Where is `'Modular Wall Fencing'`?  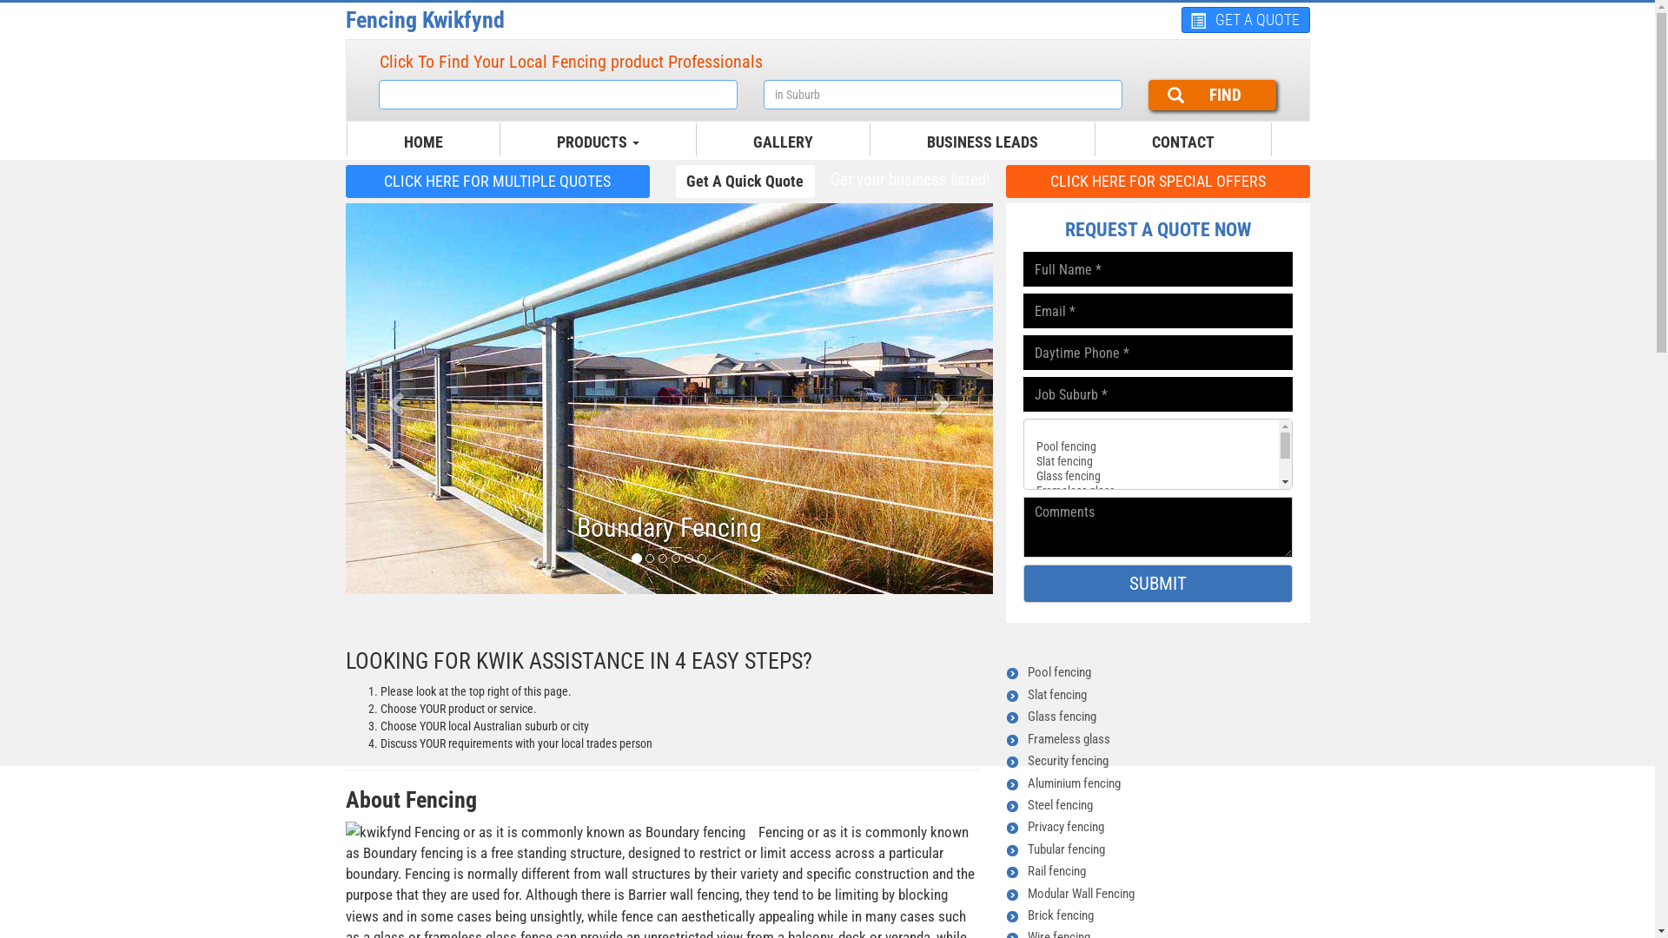
'Modular Wall Fencing' is located at coordinates (1079, 894).